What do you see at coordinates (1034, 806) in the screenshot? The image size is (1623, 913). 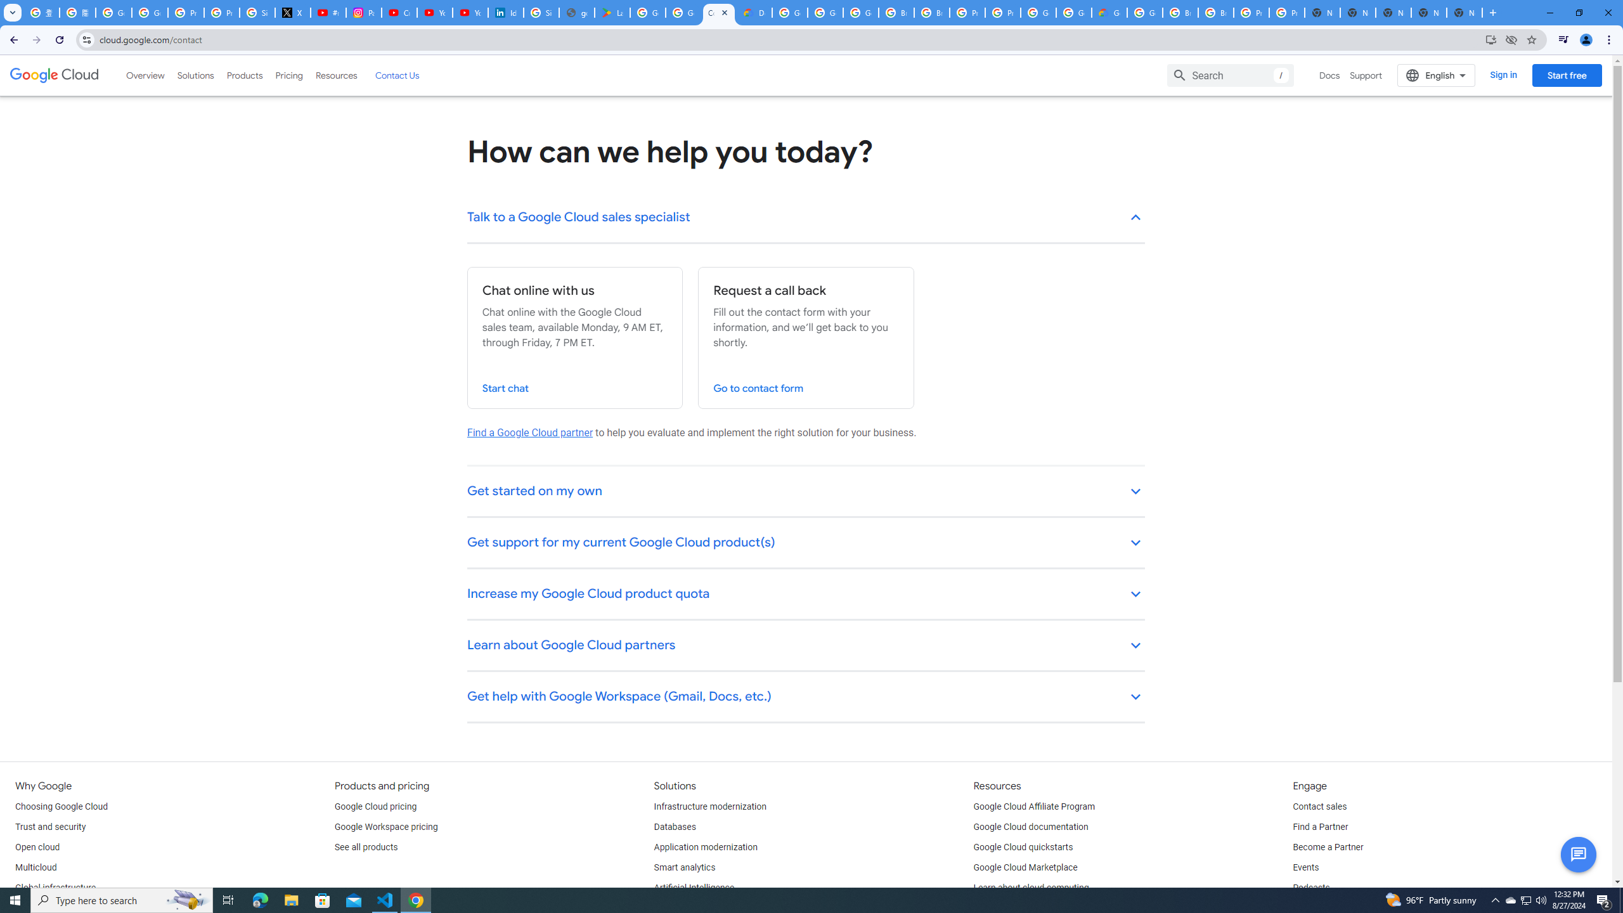 I see `'Google Cloud Affiliate Program'` at bounding box center [1034, 806].